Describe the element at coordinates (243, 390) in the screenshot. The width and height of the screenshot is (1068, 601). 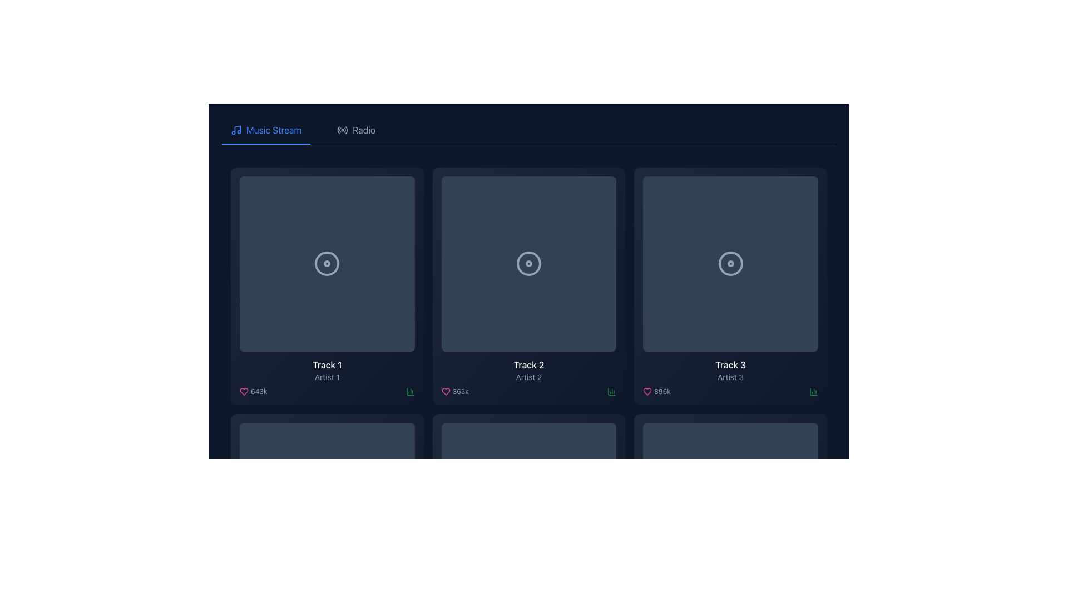
I see `the heart icon button located at the bottom left of the first track card to like the associated track` at that location.